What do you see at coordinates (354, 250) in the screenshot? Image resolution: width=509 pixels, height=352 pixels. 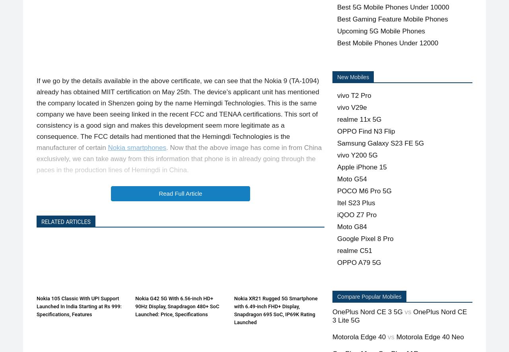 I see `'realme C51'` at bounding box center [354, 250].